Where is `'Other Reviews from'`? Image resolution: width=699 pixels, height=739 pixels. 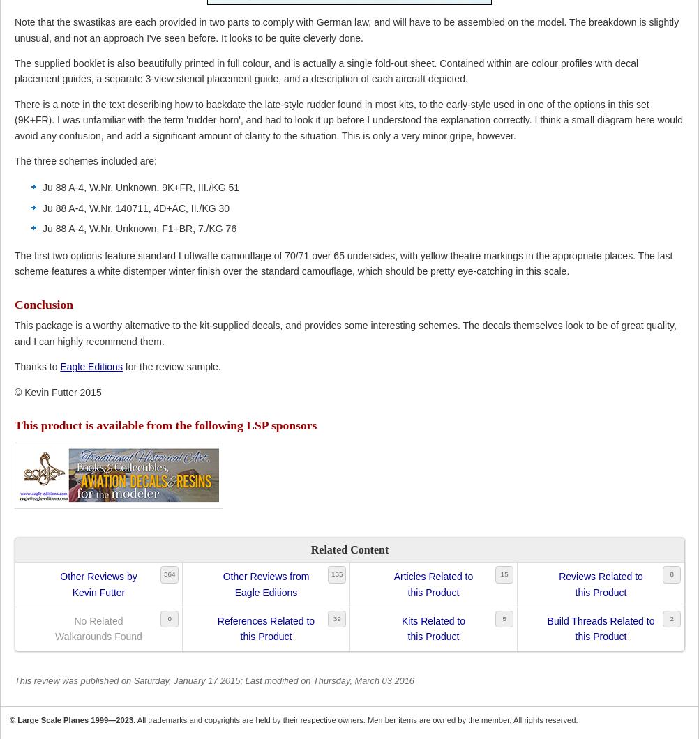 'Other Reviews from' is located at coordinates (265, 577).